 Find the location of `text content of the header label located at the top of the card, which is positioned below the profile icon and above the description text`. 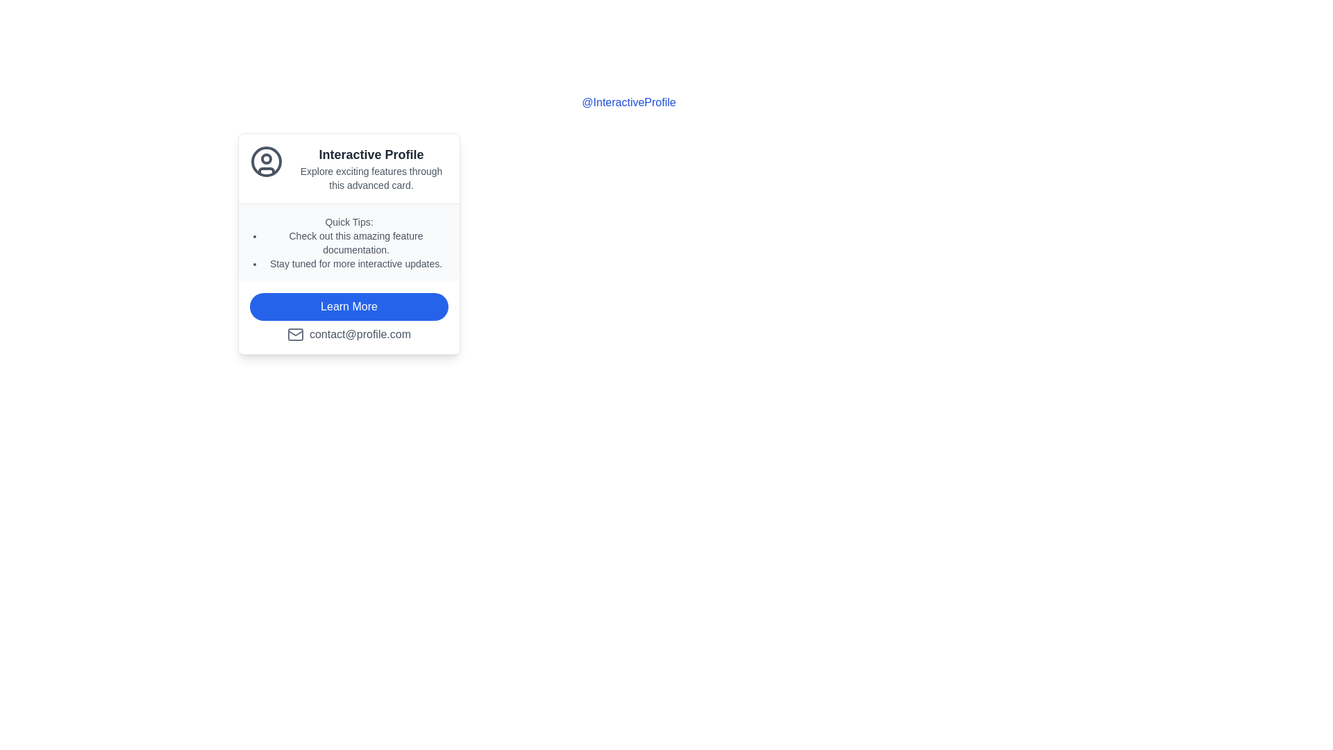

text content of the header label located at the top of the card, which is positioned below the profile icon and above the description text is located at coordinates (371, 155).